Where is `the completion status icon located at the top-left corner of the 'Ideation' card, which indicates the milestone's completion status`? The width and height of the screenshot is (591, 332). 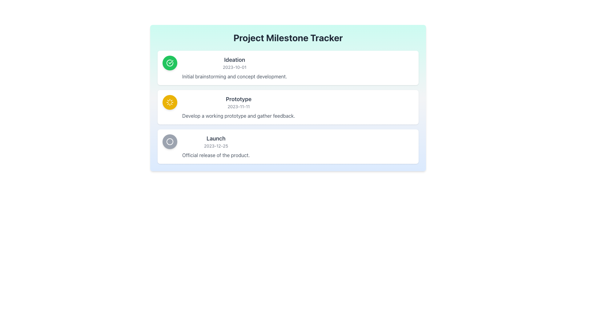
the completion status icon located at the top-left corner of the 'Ideation' card, which indicates the milestone's completion status is located at coordinates (170, 63).